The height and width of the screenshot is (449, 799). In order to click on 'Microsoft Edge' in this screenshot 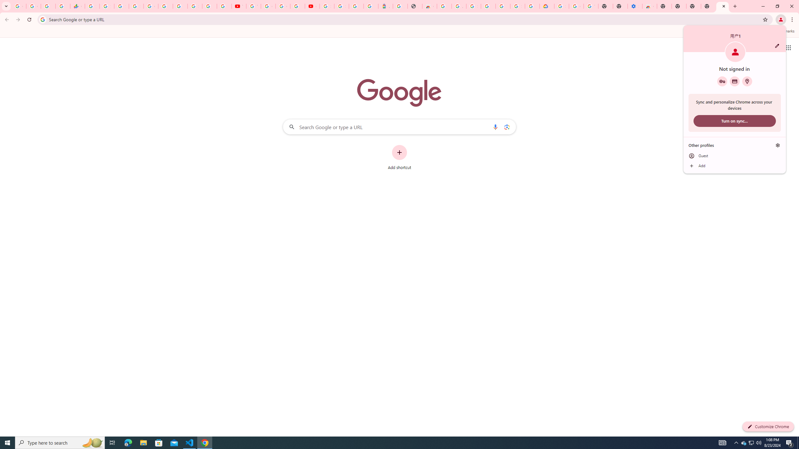, I will do `click(128, 442)`.